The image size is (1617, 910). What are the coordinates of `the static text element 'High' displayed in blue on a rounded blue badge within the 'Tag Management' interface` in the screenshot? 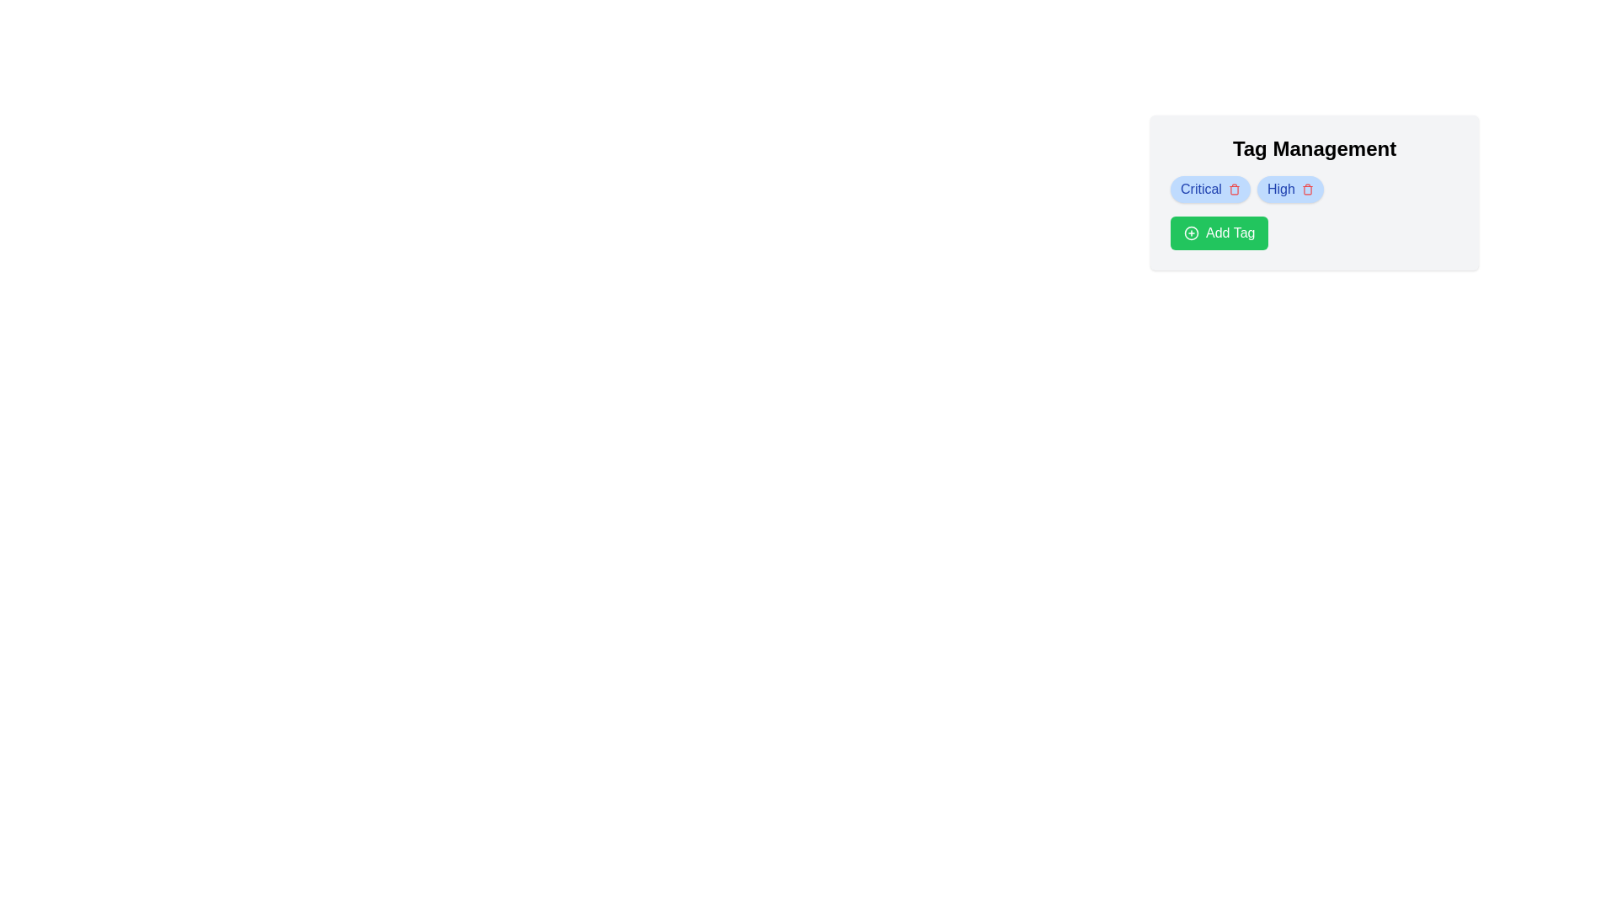 It's located at (1280, 189).